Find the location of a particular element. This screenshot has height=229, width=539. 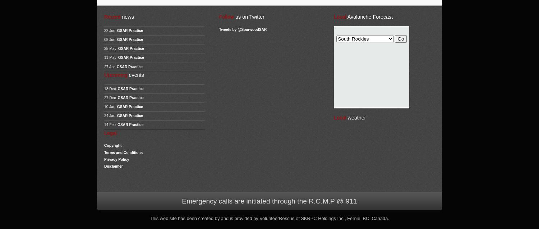

'events' is located at coordinates (135, 74).